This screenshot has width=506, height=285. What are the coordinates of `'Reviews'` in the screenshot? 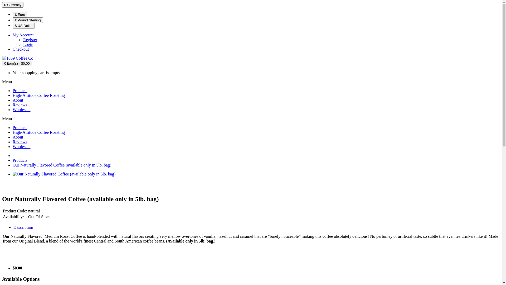 It's located at (20, 141).